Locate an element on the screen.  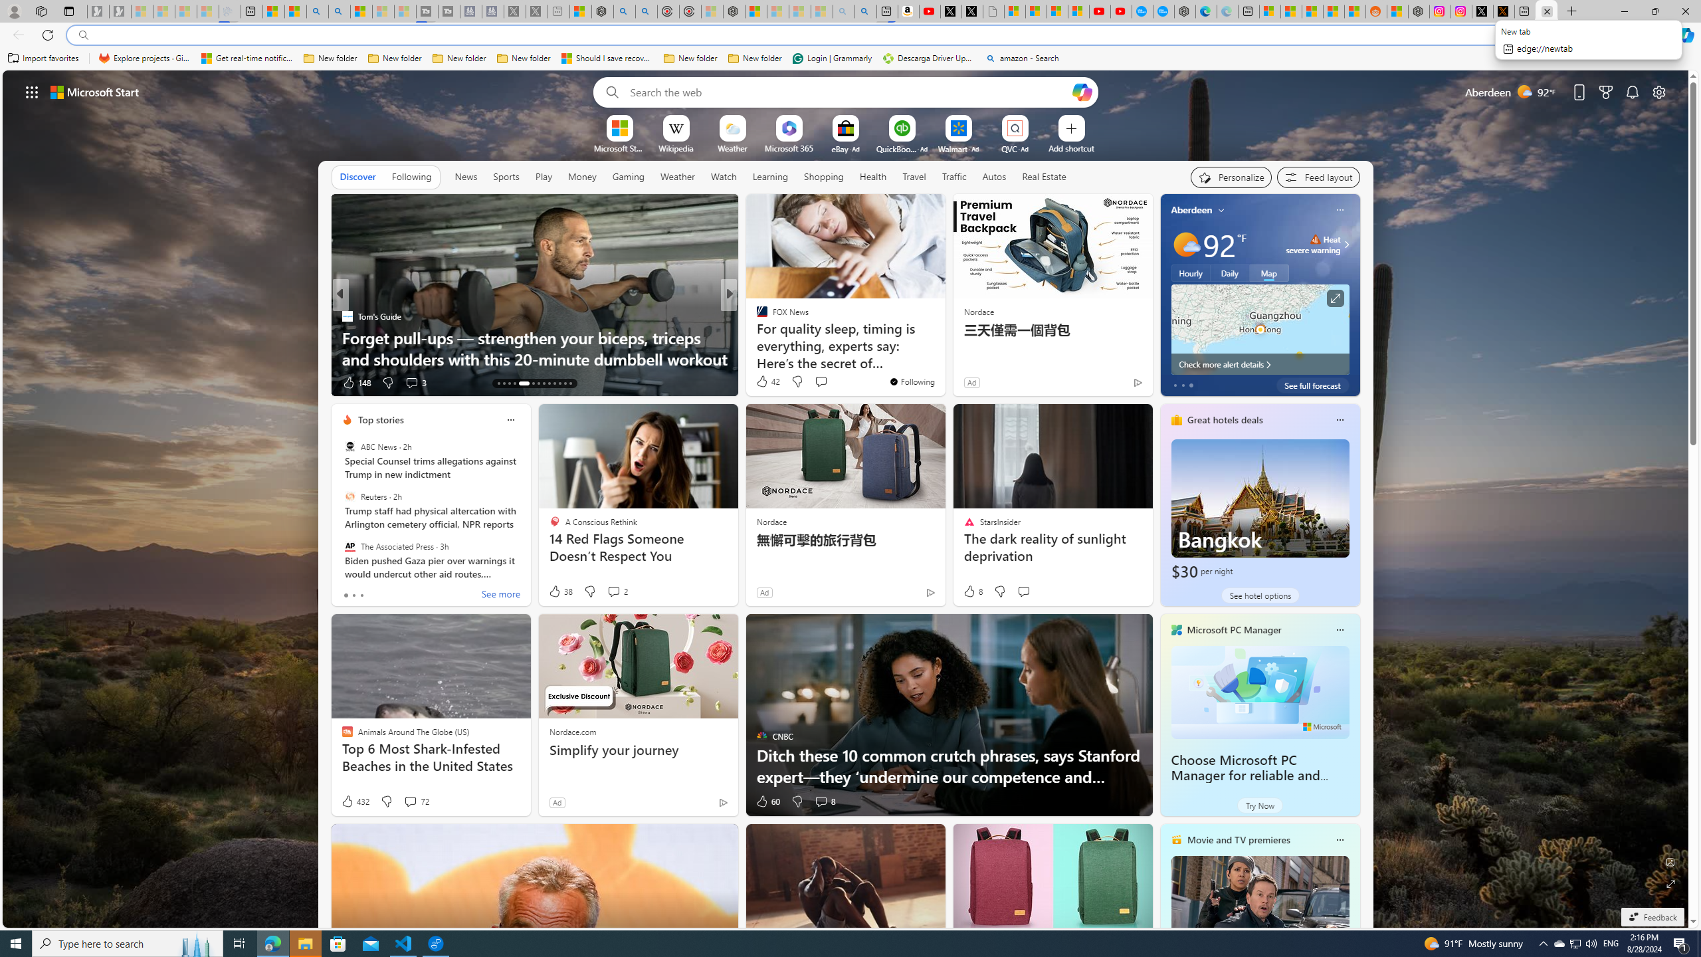
'AutomationID: tab-14' is located at coordinates (504, 383).